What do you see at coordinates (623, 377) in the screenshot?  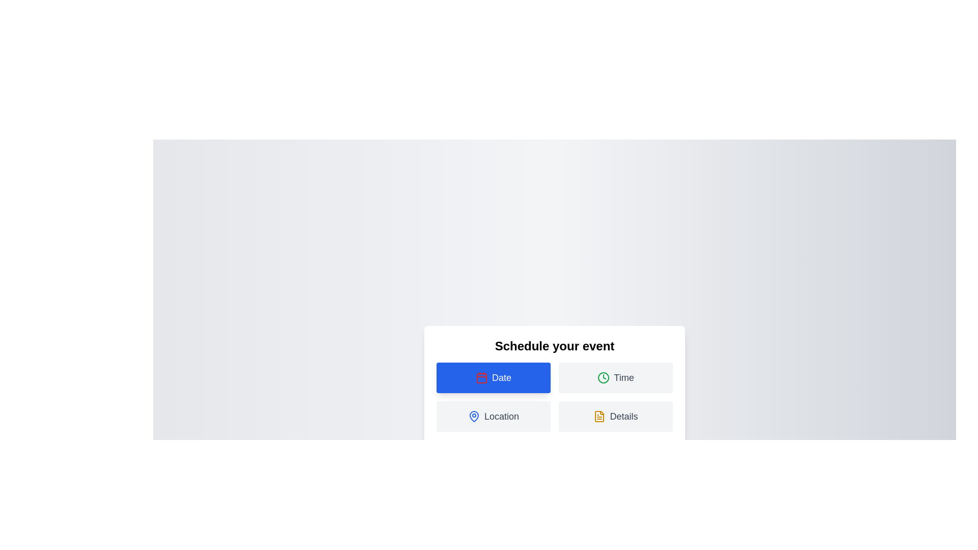 I see `the 'Time' text label which is displayed in gray font and is positioned within the light gray rectangular button in the top-right corner of the interface` at bounding box center [623, 377].